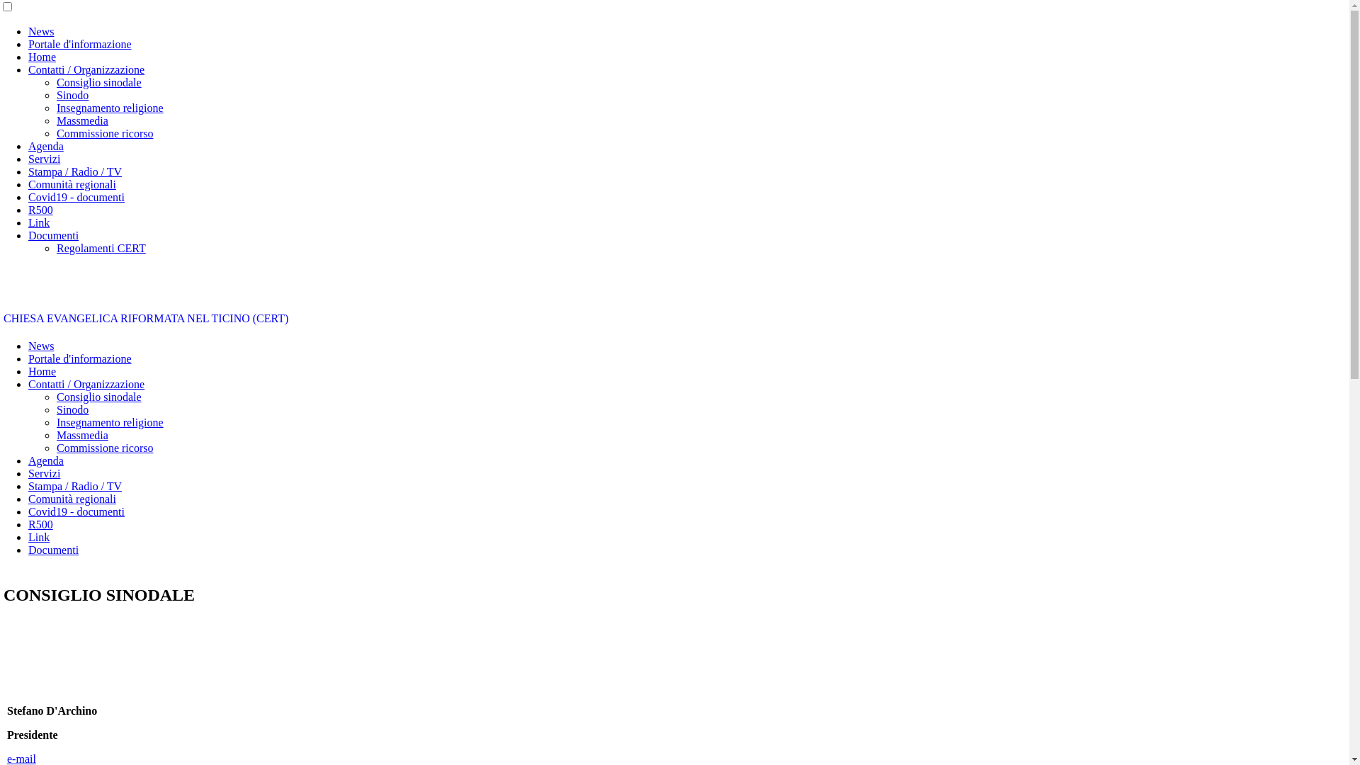 This screenshot has height=765, width=1360. What do you see at coordinates (38, 537) in the screenshot?
I see `'Link'` at bounding box center [38, 537].